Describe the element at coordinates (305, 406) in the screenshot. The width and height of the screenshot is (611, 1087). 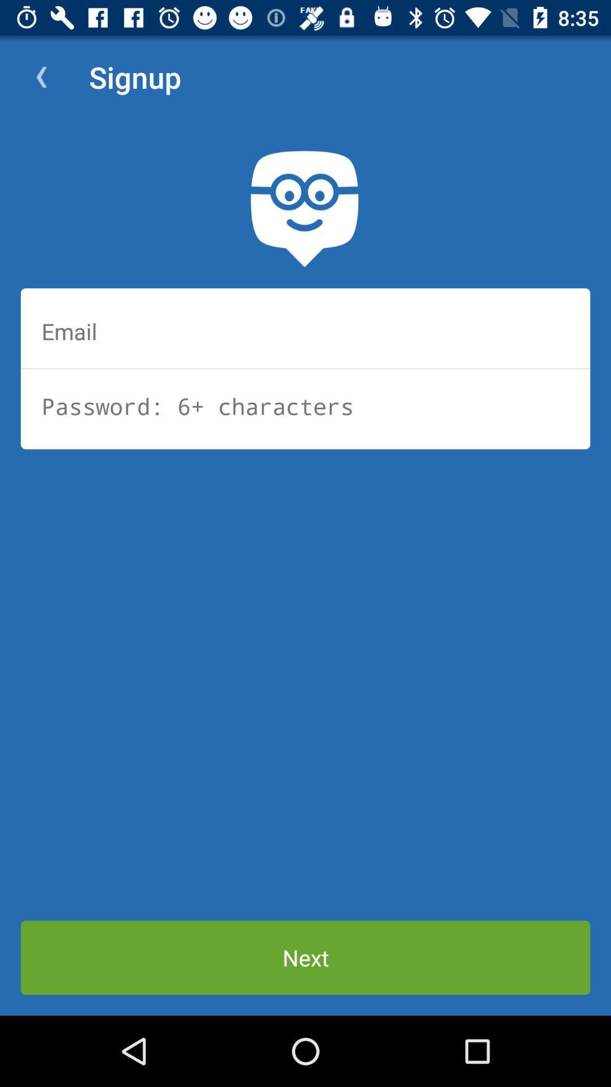
I see `password of 6+ characters` at that location.